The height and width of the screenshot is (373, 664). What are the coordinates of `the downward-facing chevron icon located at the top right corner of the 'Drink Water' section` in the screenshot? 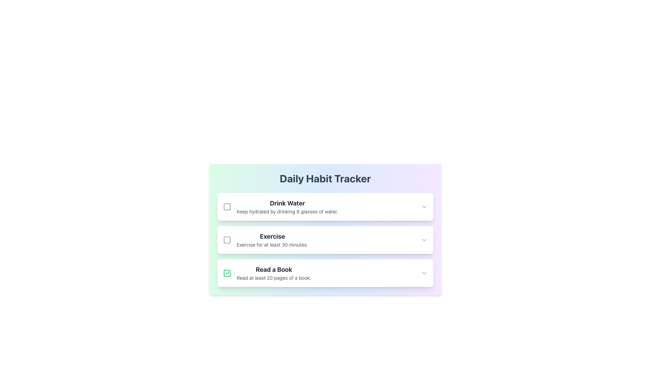 It's located at (424, 206).